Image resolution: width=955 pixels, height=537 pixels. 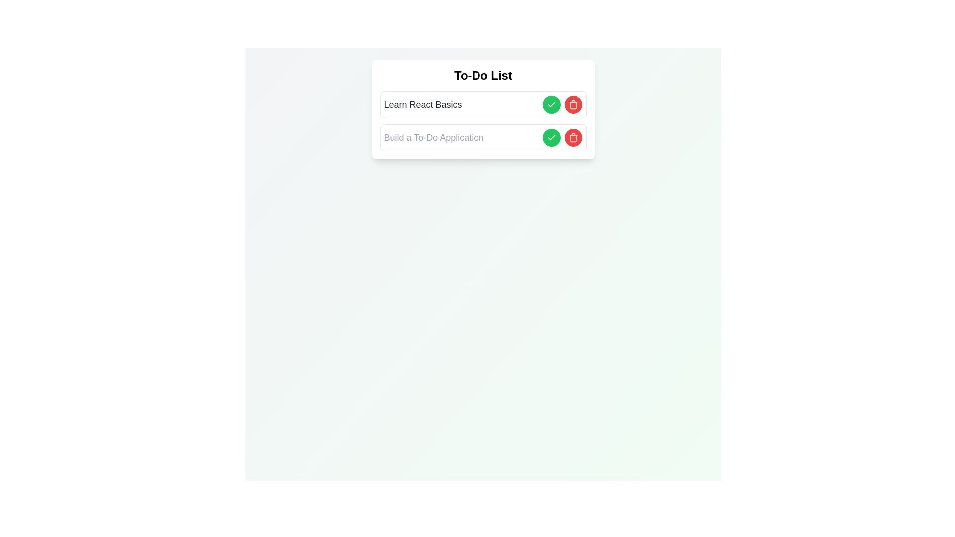 I want to click on the green circular button icon indicating the completion of the task 'Learn React Basics', so click(x=551, y=137).